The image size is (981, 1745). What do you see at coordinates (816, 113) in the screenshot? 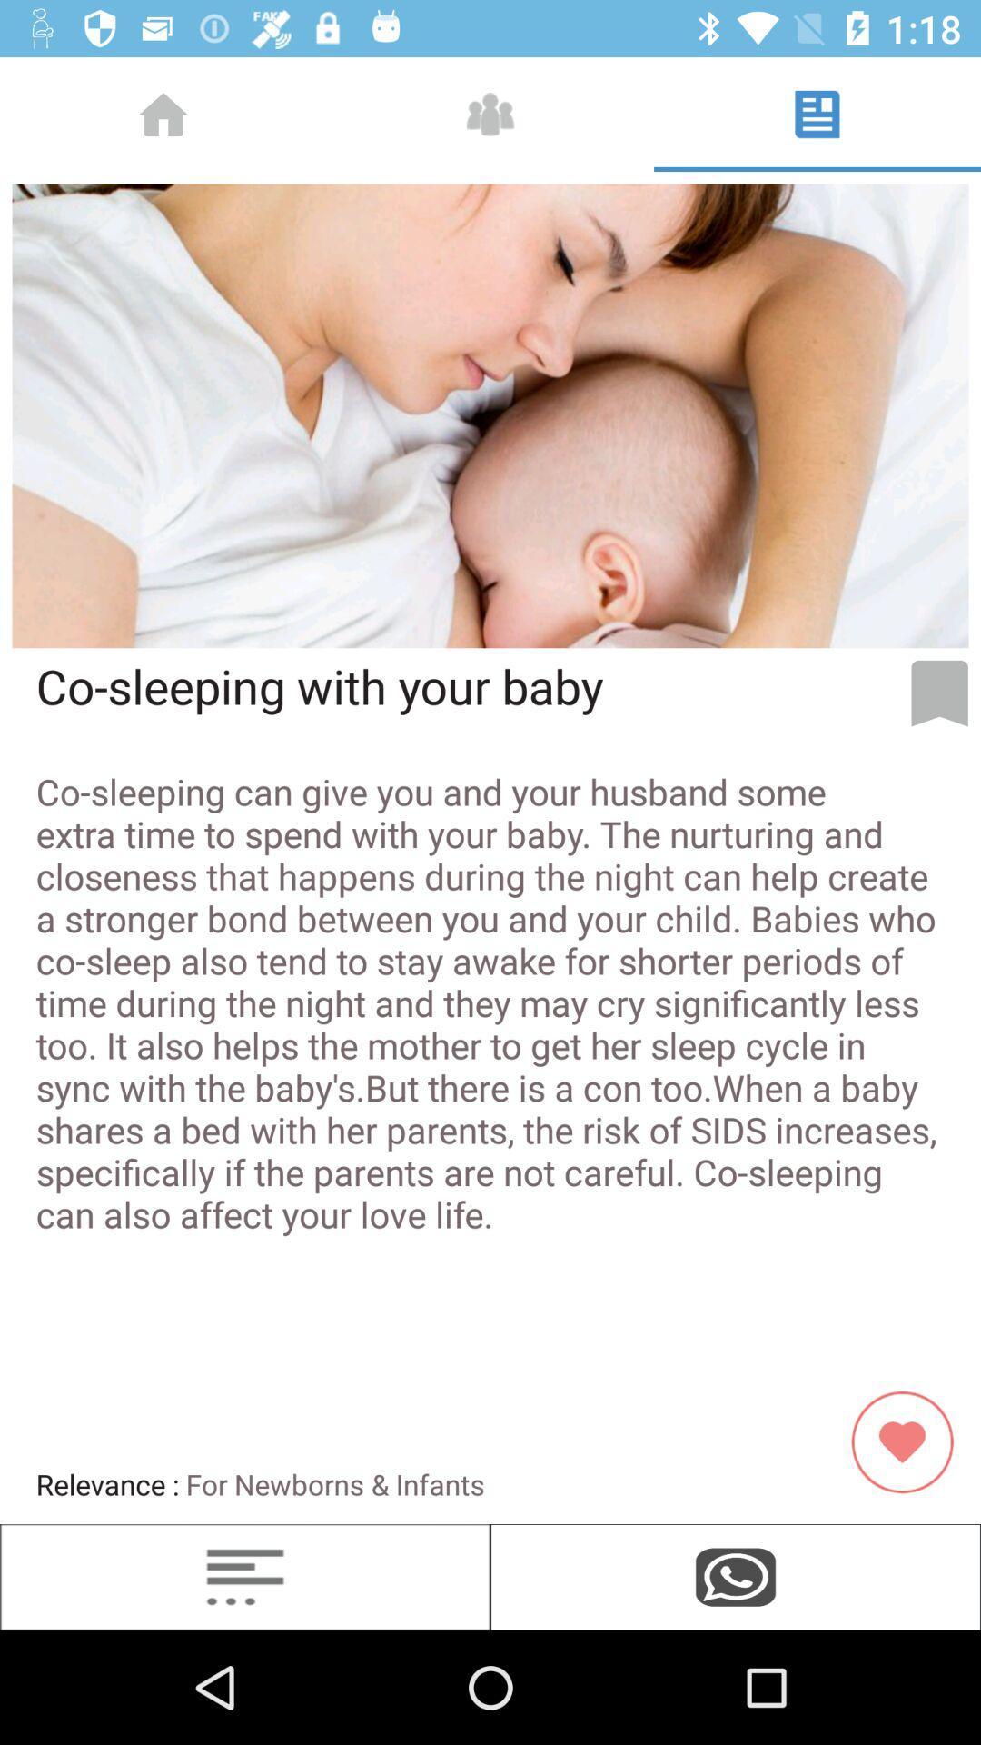
I see `the button at top right` at bounding box center [816, 113].